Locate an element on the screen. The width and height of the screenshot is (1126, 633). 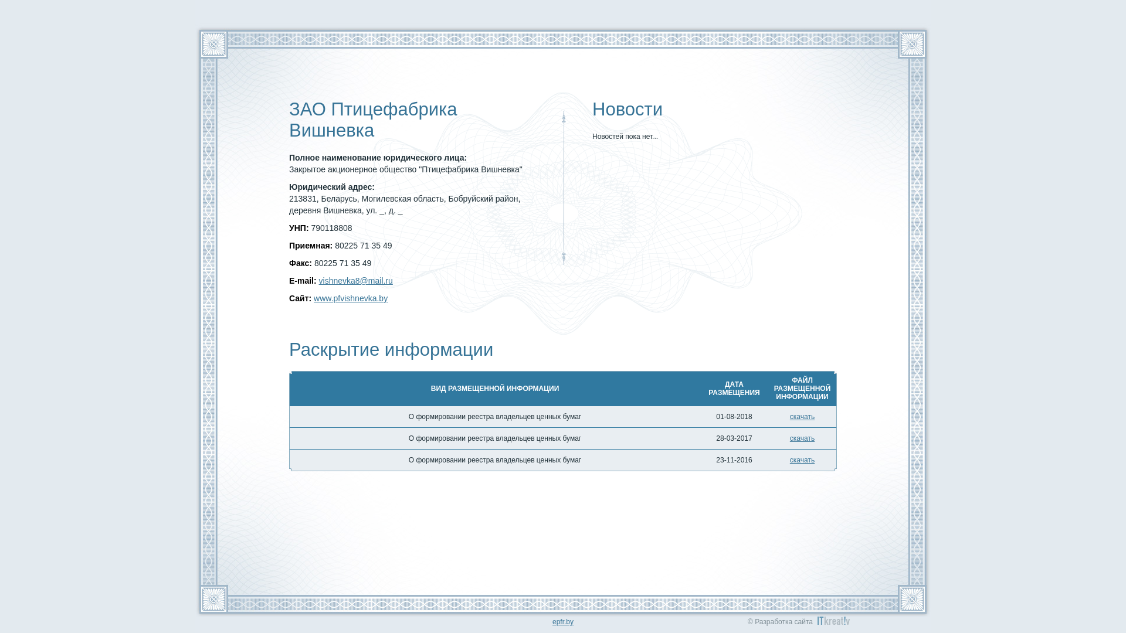
'vishnevka8@mail.ru' is located at coordinates (318, 280).